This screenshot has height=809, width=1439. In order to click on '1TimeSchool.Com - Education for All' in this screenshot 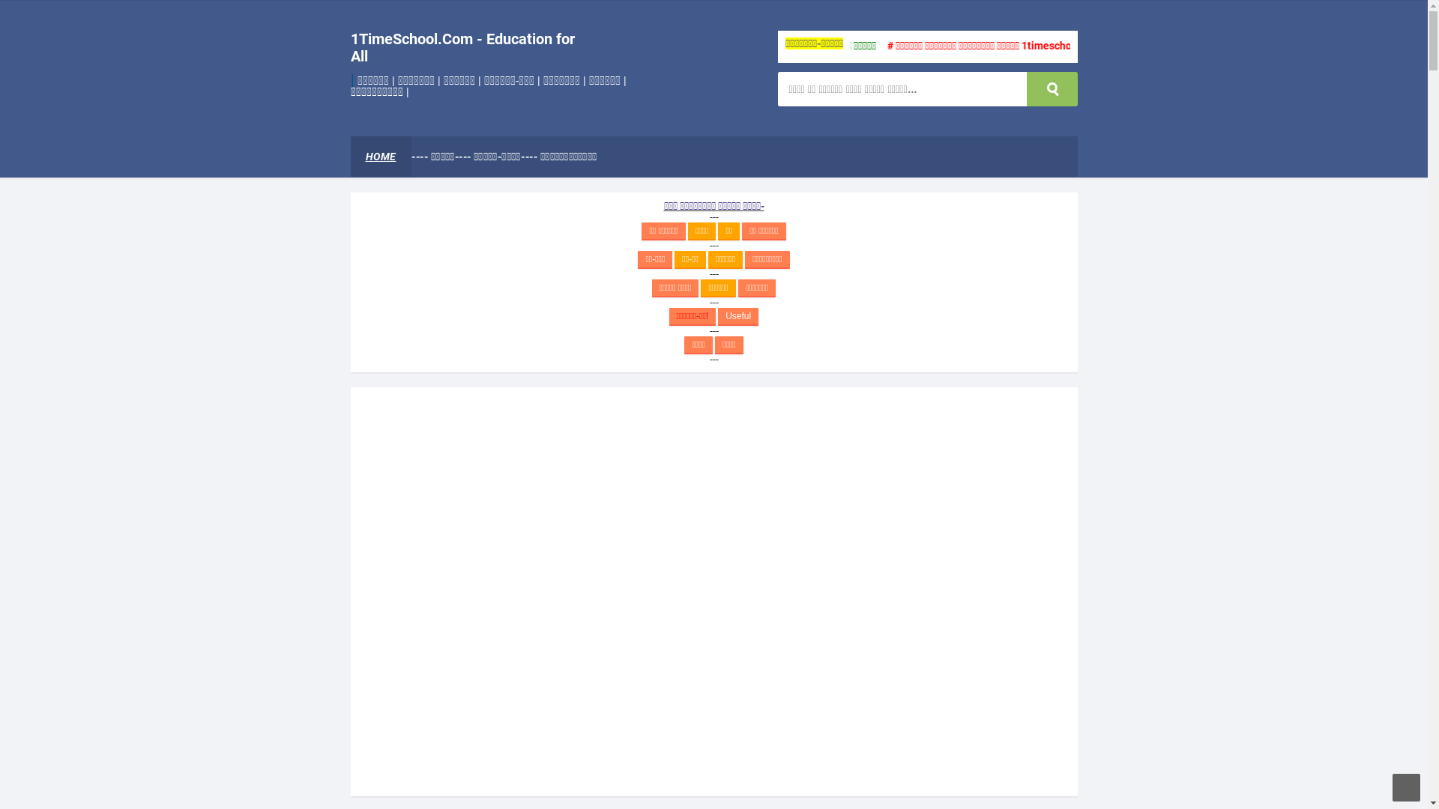, I will do `click(462, 47)`.